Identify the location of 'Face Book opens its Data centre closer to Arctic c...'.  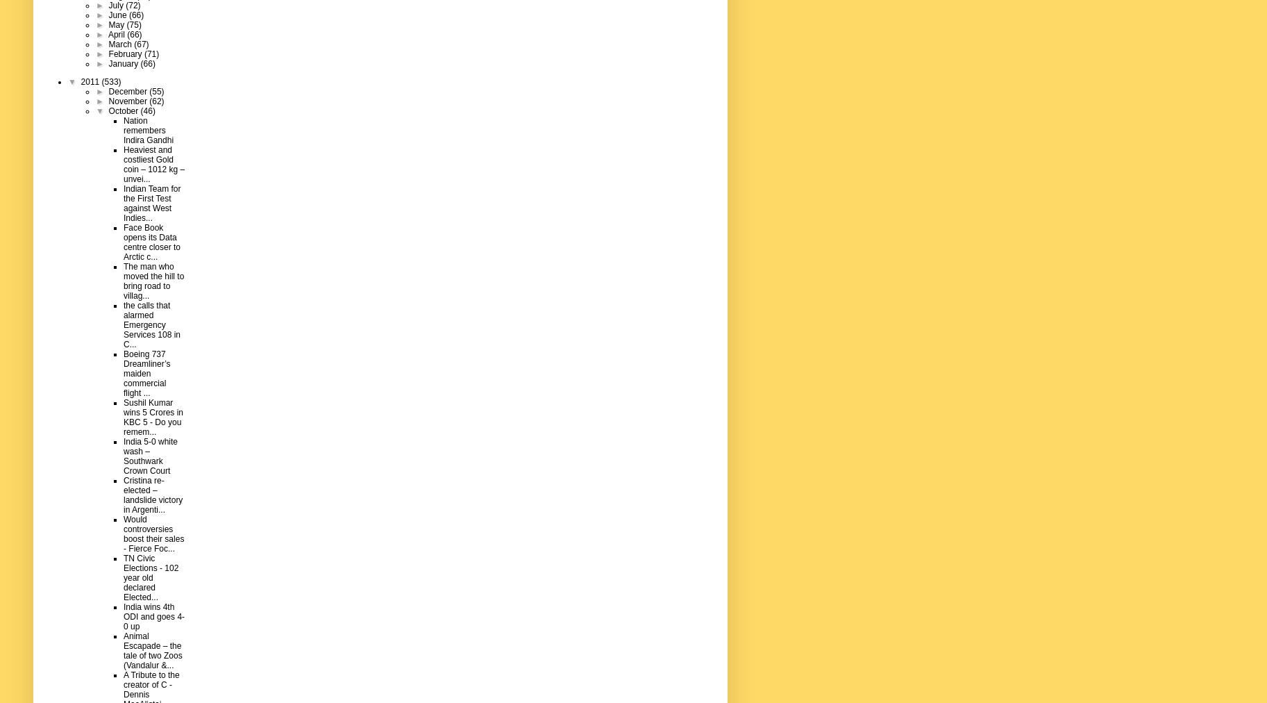
(152, 241).